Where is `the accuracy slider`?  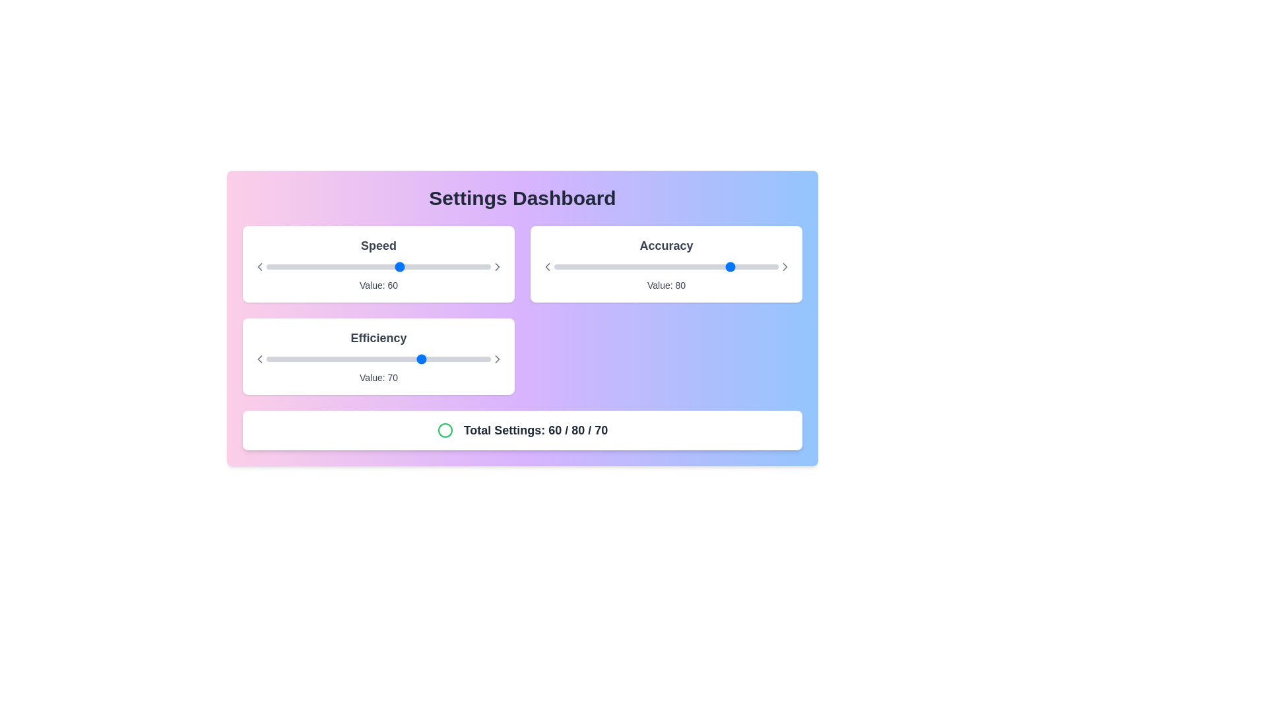
the accuracy slider is located at coordinates (596, 267).